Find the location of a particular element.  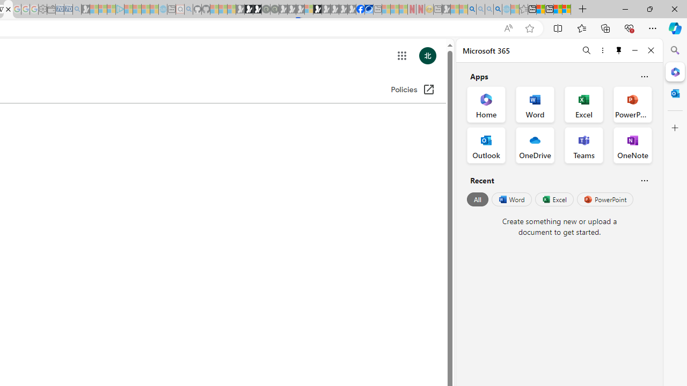

'Sign in to your account - Sleeping' is located at coordinates (308, 9).